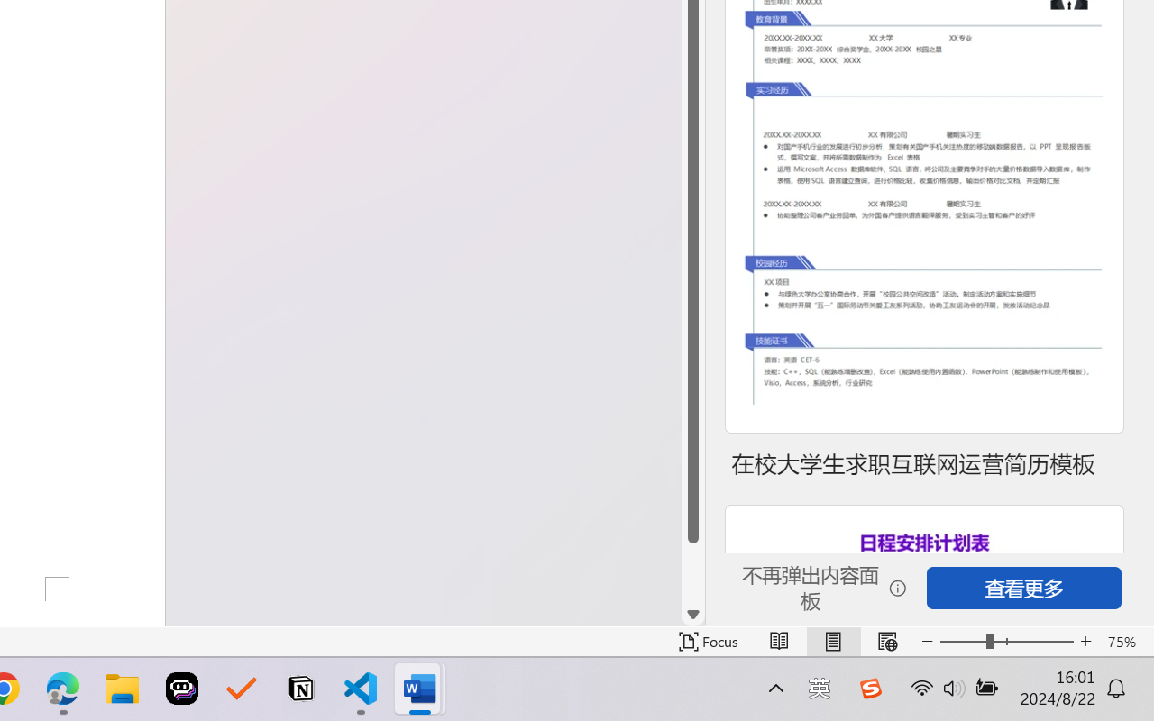 The image size is (1154, 721). What do you see at coordinates (779, 641) in the screenshot?
I see `'Read Mode'` at bounding box center [779, 641].